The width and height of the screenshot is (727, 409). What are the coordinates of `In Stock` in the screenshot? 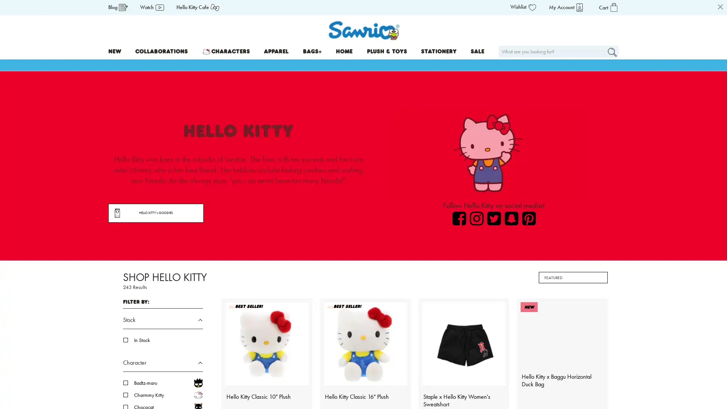 It's located at (168, 340).